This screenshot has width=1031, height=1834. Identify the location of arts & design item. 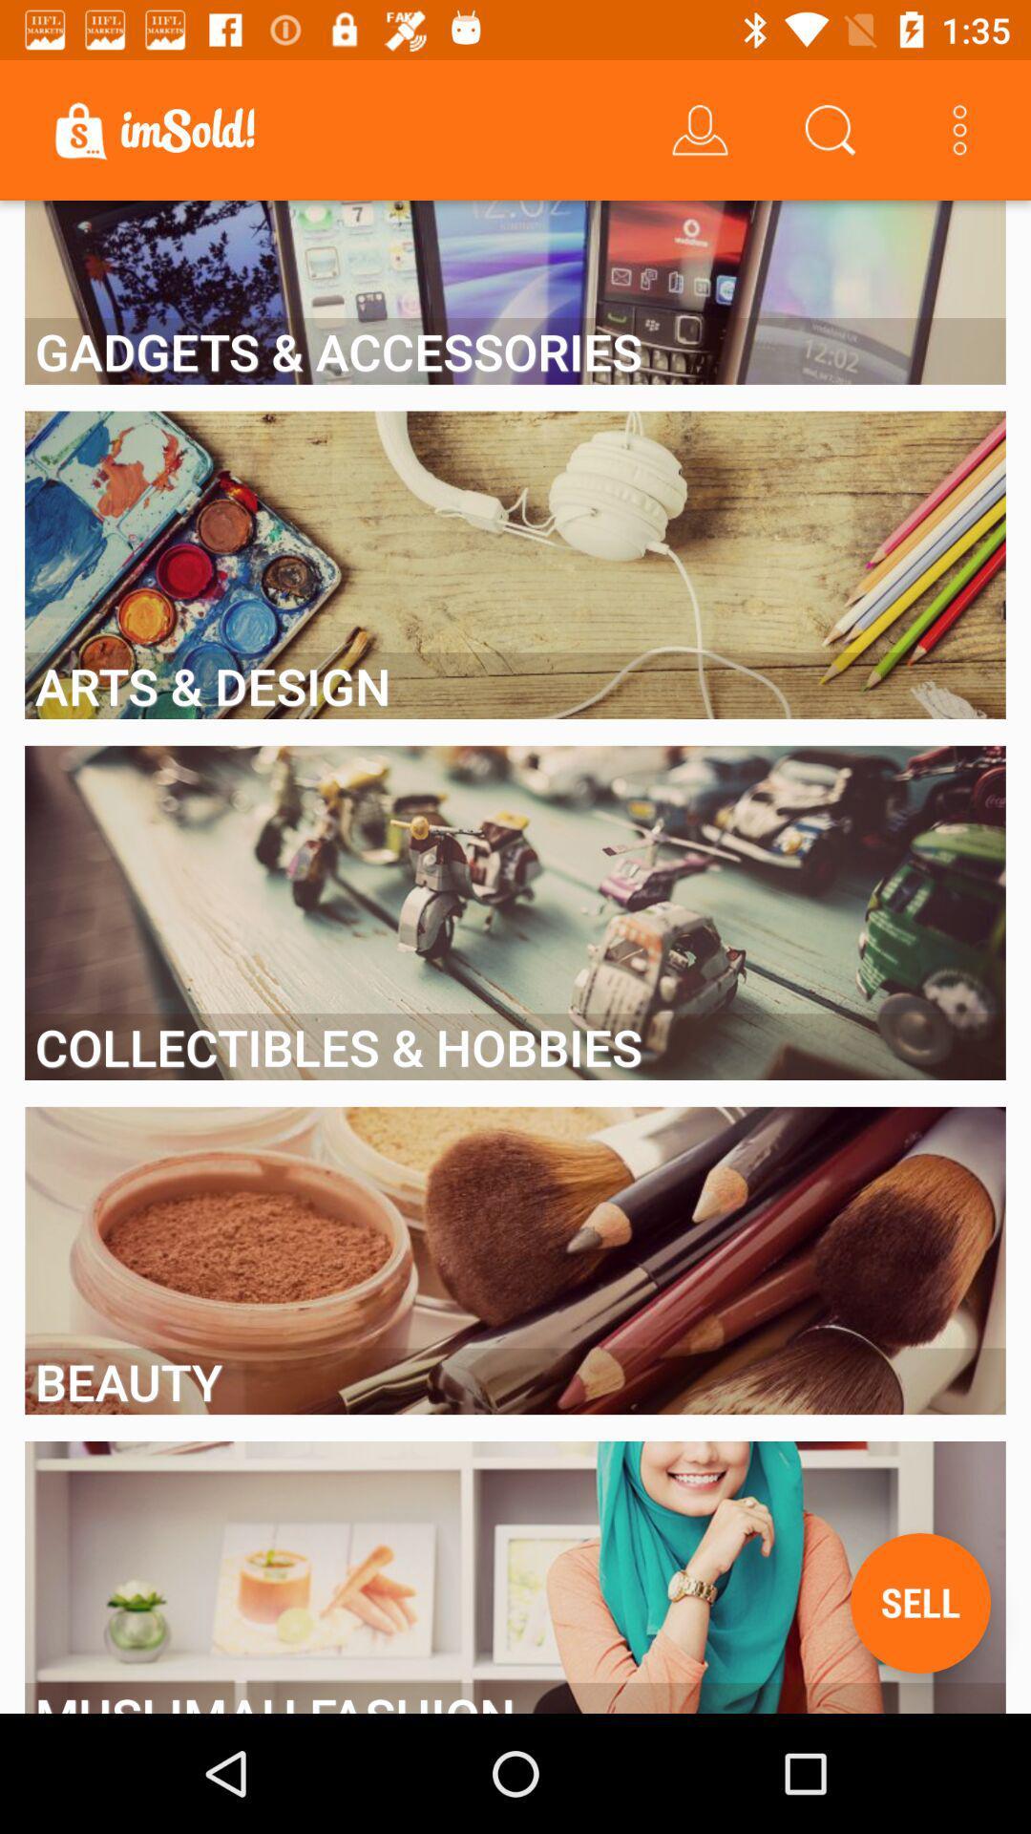
(515, 686).